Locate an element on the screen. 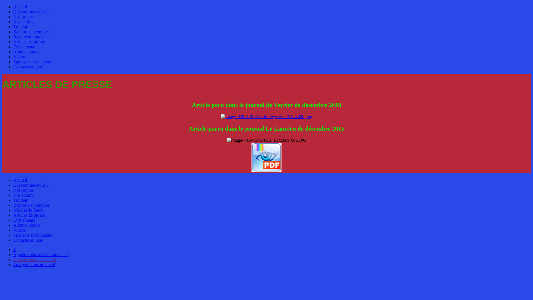 The image size is (533, 300). 'Articles de presse' is located at coordinates (29, 41).